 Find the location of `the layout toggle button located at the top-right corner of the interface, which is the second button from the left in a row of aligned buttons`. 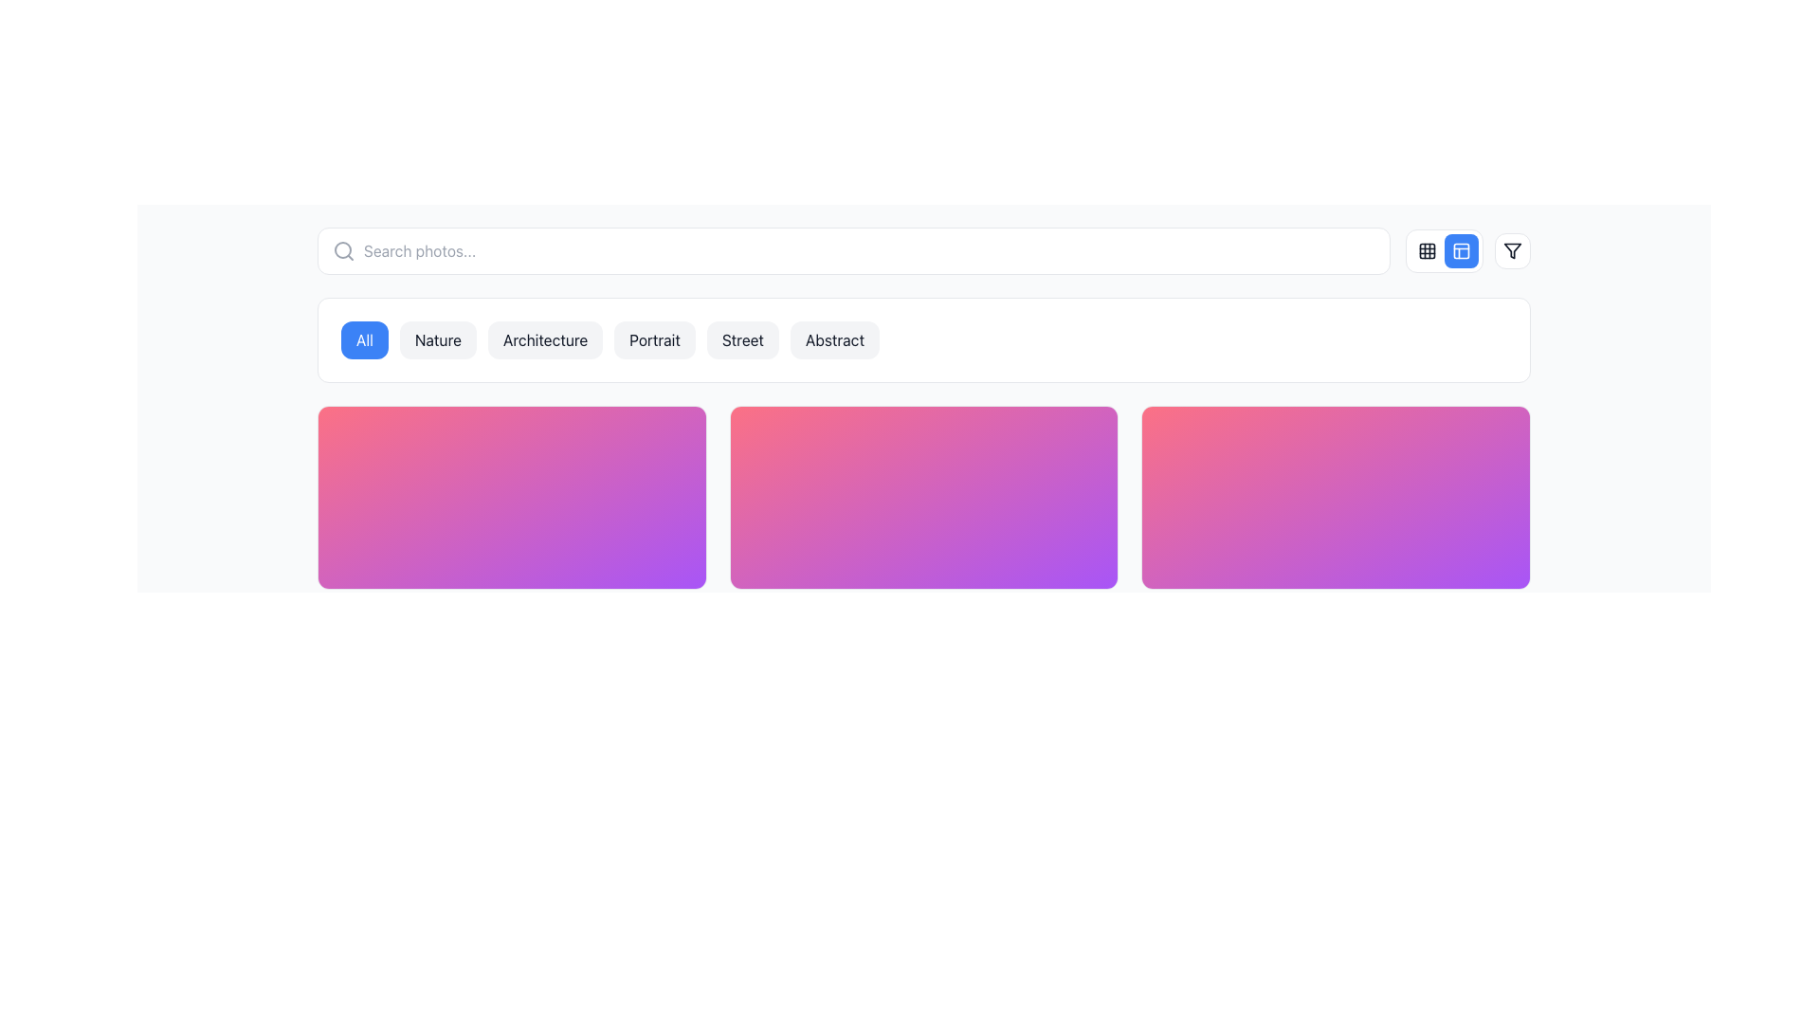

the layout toggle button located at the top-right corner of the interface, which is the second button from the left in a row of aligned buttons is located at coordinates (1443, 250).